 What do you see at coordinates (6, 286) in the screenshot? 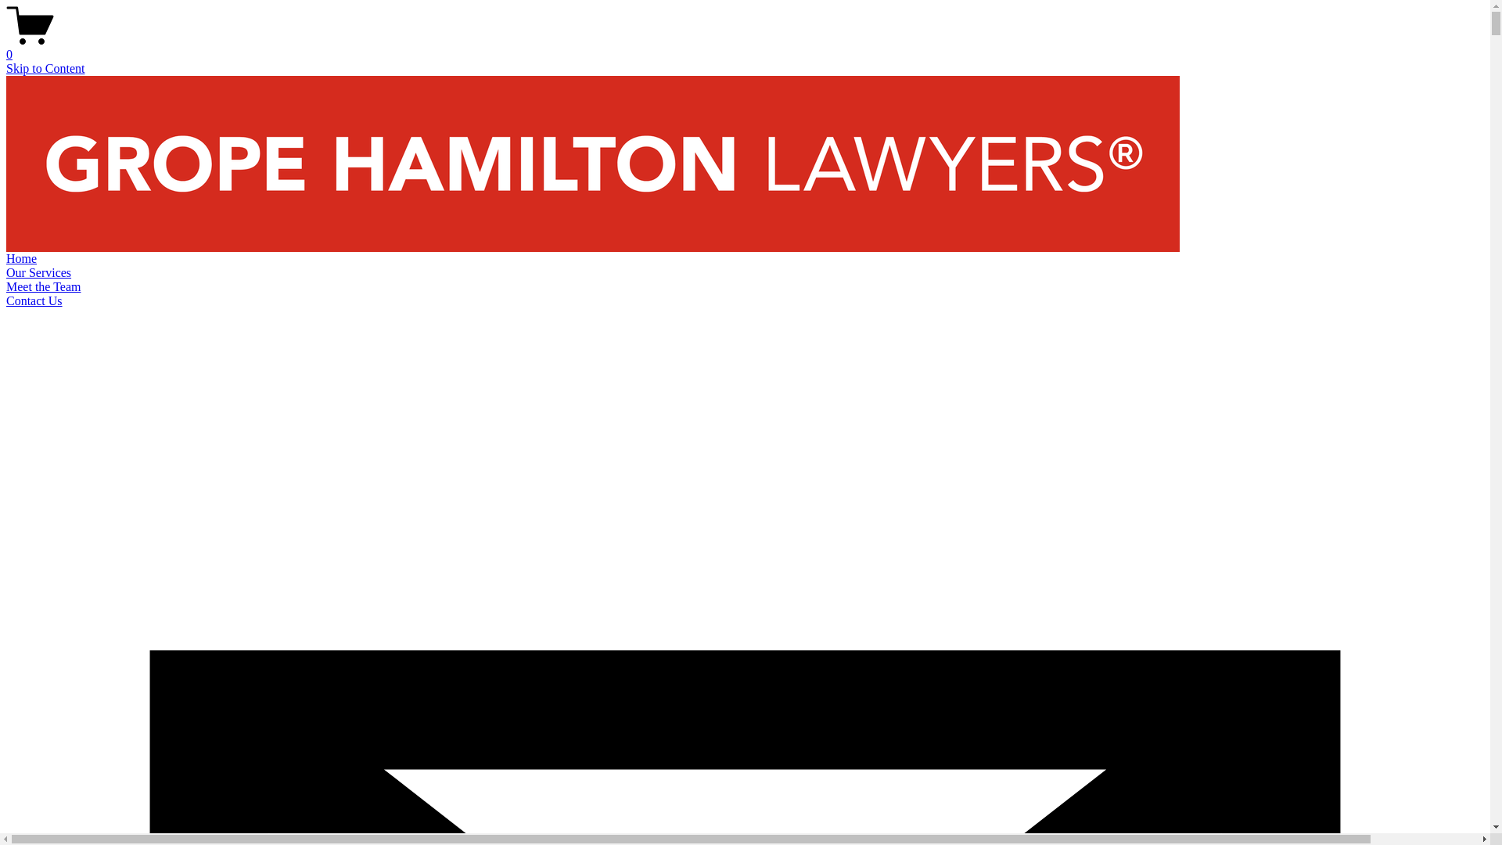
I see `'Meet the Team'` at bounding box center [6, 286].